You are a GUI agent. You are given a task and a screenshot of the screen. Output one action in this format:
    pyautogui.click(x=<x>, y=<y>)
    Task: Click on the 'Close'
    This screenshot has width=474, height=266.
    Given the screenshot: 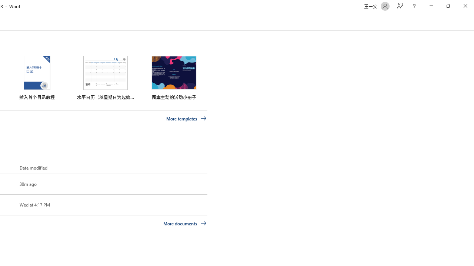 What is the action you would take?
    pyautogui.click(x=465, y=6)
    